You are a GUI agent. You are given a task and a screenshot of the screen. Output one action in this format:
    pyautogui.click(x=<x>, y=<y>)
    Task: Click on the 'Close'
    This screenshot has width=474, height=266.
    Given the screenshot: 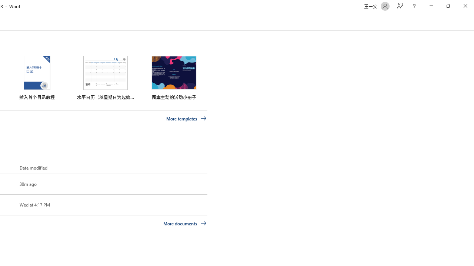 What is the action you would take?
    pyautogui.click(x=465, y=6)
    